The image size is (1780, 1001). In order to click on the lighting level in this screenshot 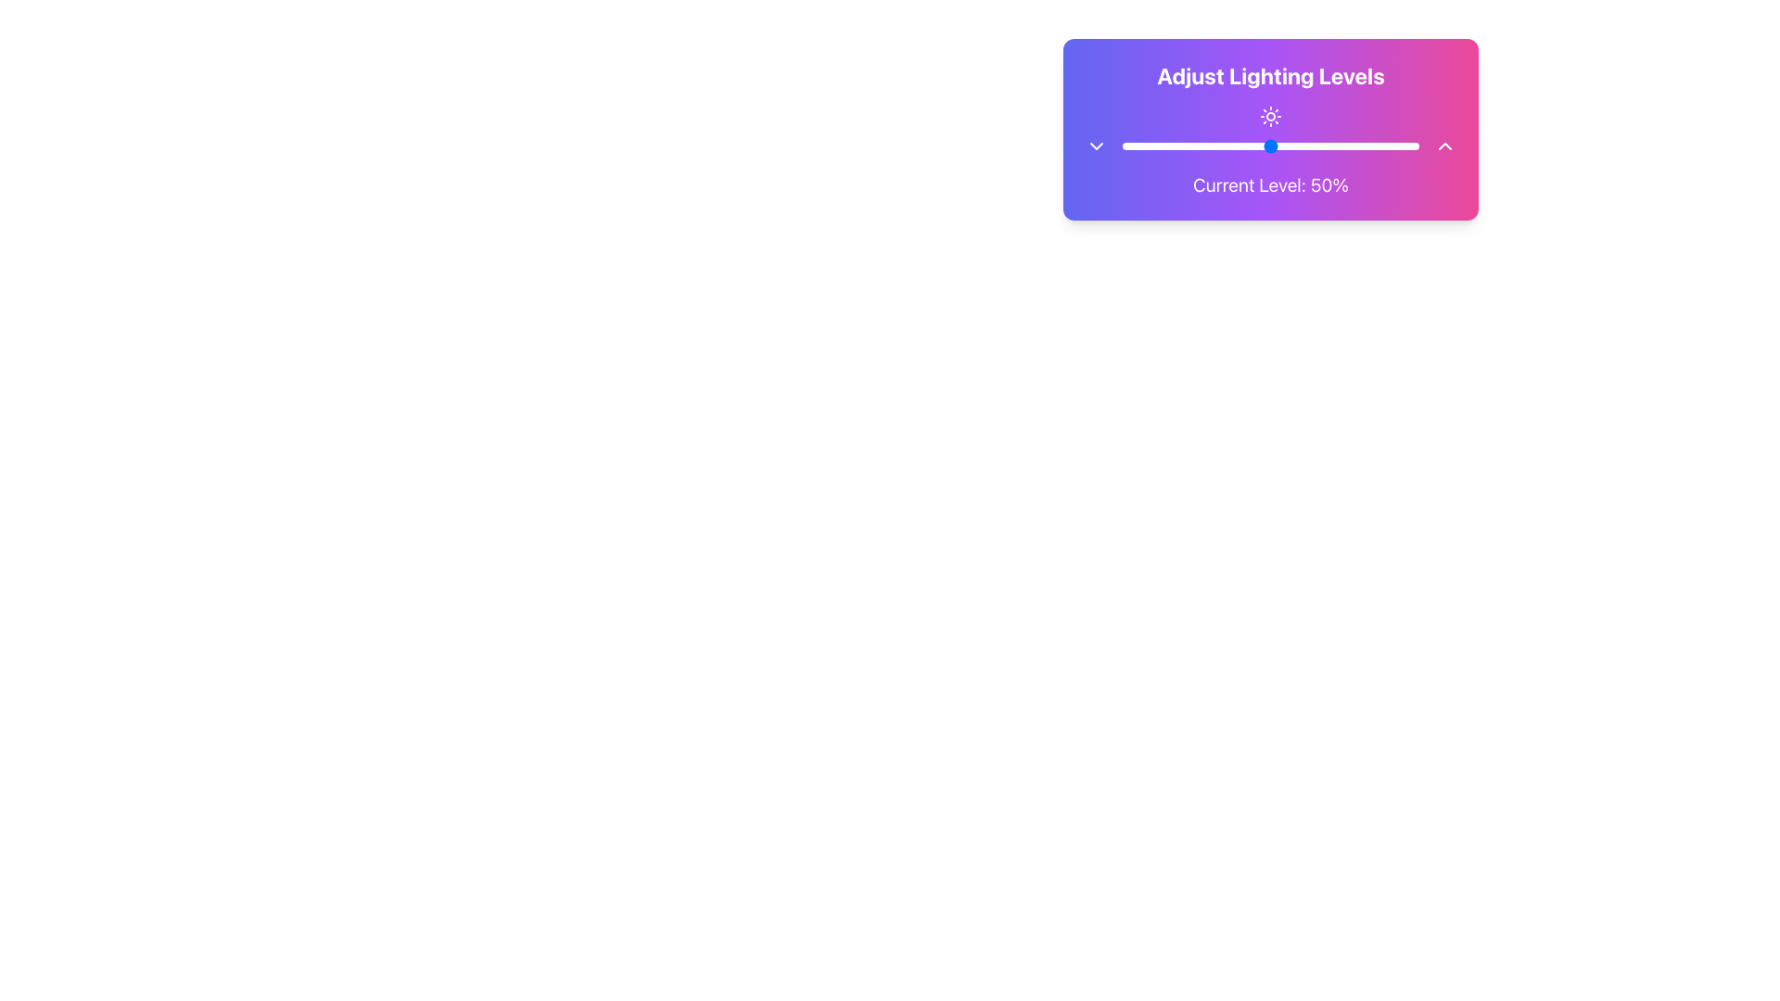, I will do `click(1348, 146)`.